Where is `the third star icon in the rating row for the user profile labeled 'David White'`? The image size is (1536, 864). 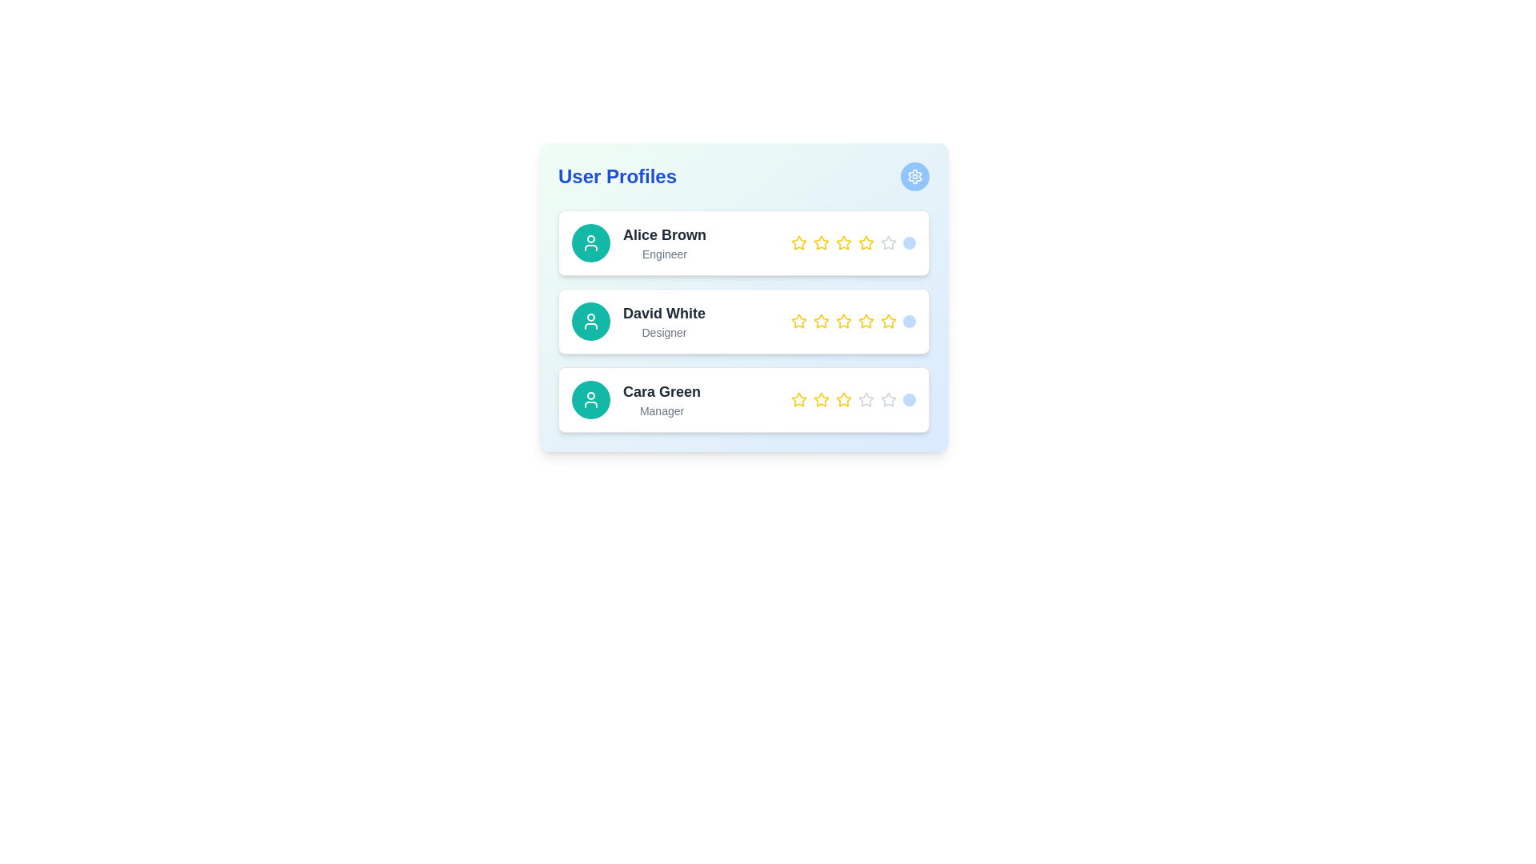 the third star icon in the rating row for the user profile labeled 'David White' is located at coordinates (842, 321).